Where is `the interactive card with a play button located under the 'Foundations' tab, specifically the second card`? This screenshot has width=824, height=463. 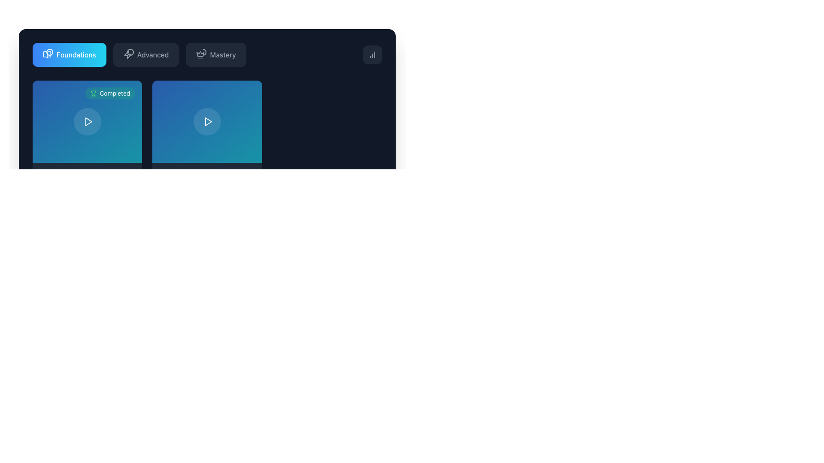 the interactive card with a play button located under the 'Foundations' tab, specifically the second card is located at coordinates (207, 138).